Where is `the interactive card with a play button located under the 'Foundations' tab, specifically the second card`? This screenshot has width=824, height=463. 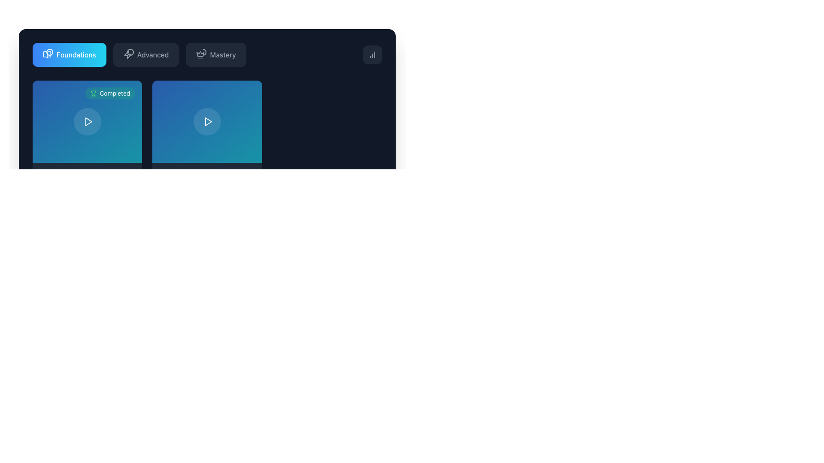 the interactive card with a play button located under the 'Foundations' tab, specifically the second card is located at coordinates (207, 138).